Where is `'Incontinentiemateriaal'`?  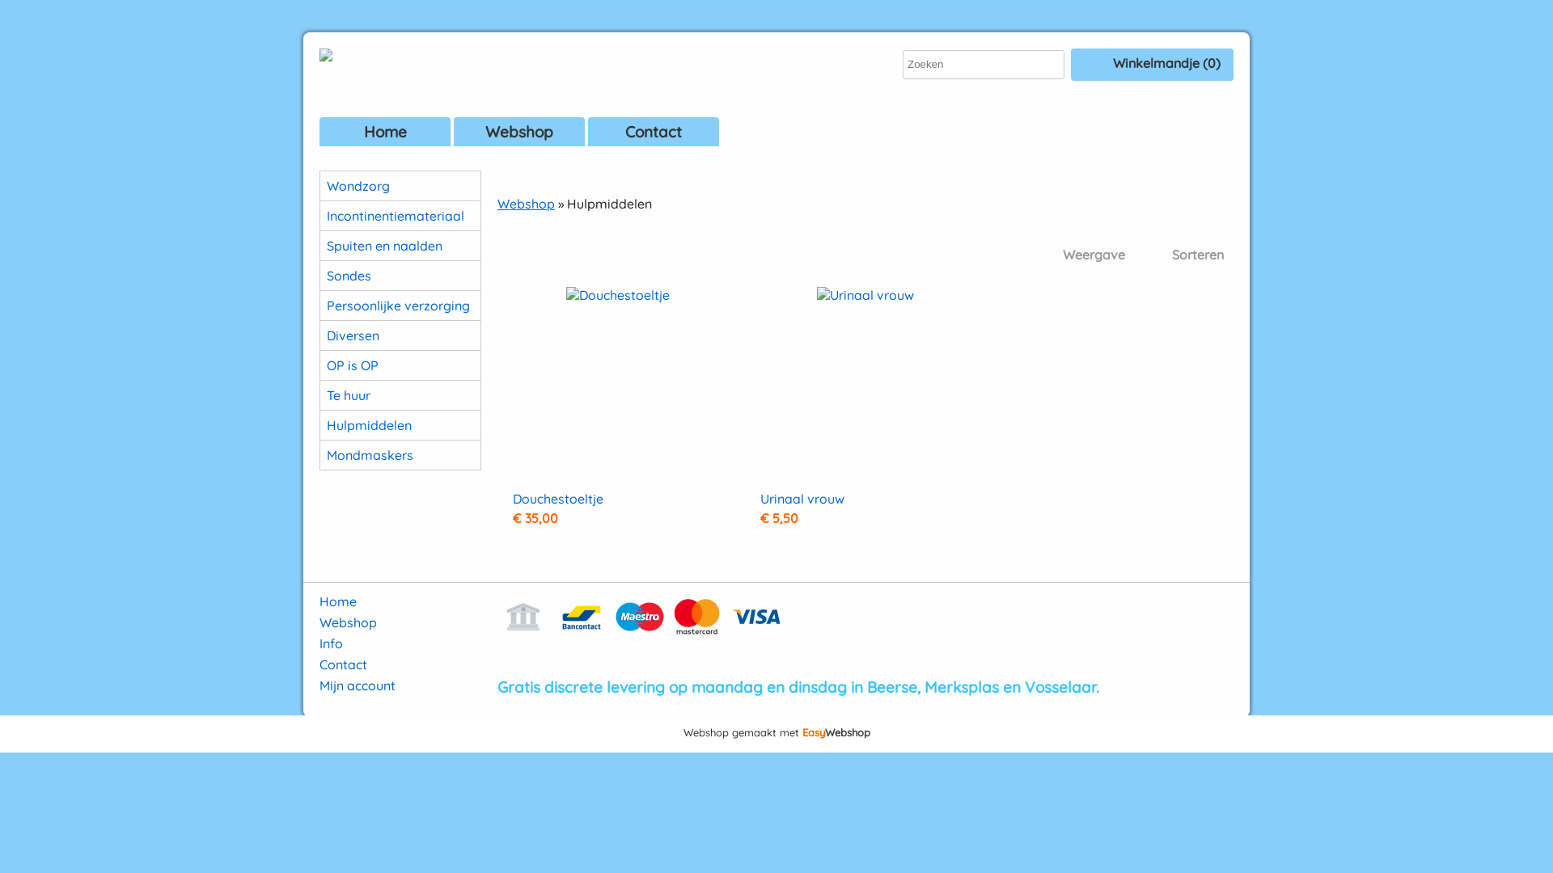
'Incontinentiemateriaal' is located at coordinates (400, 214).